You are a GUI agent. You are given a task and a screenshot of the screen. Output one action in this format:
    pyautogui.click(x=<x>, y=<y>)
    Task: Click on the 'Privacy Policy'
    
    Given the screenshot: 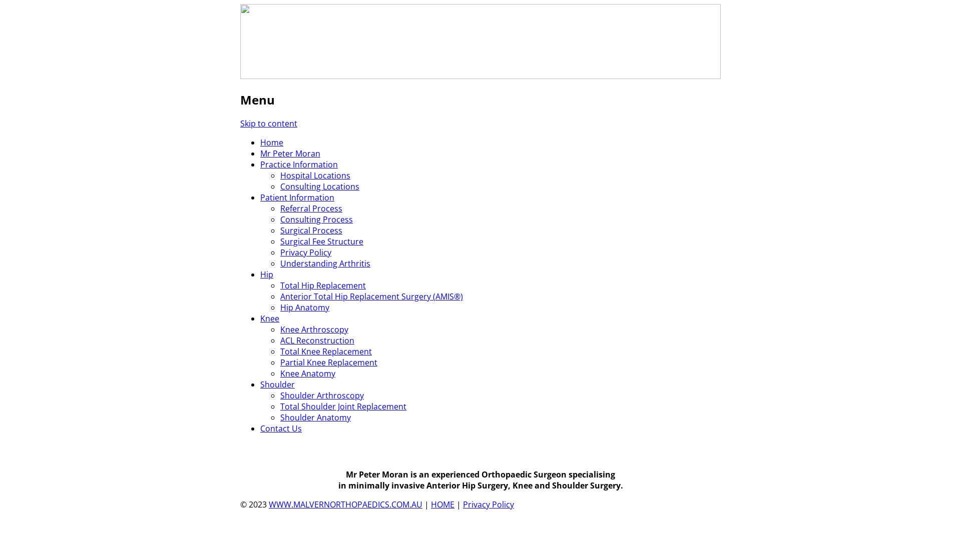 What is the action you would take?
    pyautogui.click(x=462, y=504)
    